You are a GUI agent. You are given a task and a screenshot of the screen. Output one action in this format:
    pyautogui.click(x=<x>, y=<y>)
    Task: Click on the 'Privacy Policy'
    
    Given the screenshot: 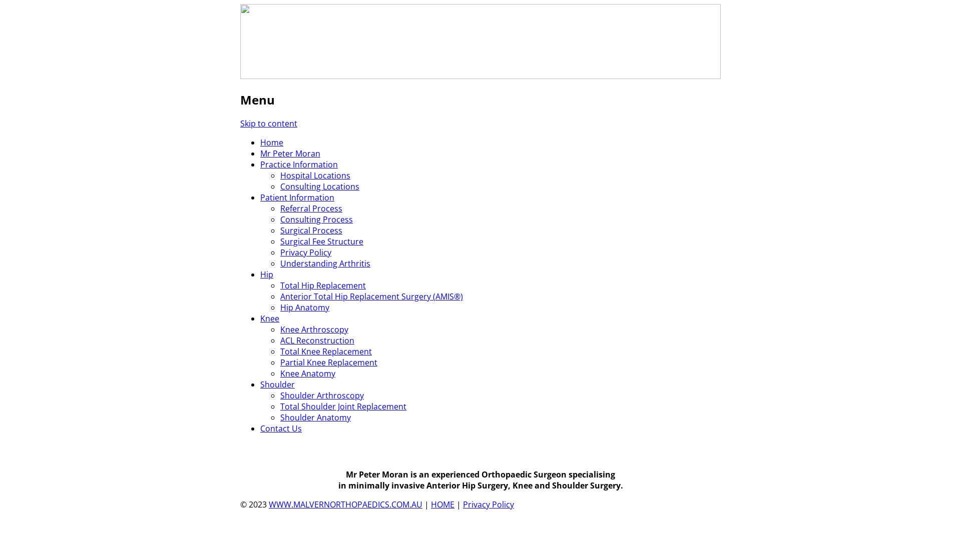 What is the action you would take?
    pyautogui.click(x=462, y=504)
    